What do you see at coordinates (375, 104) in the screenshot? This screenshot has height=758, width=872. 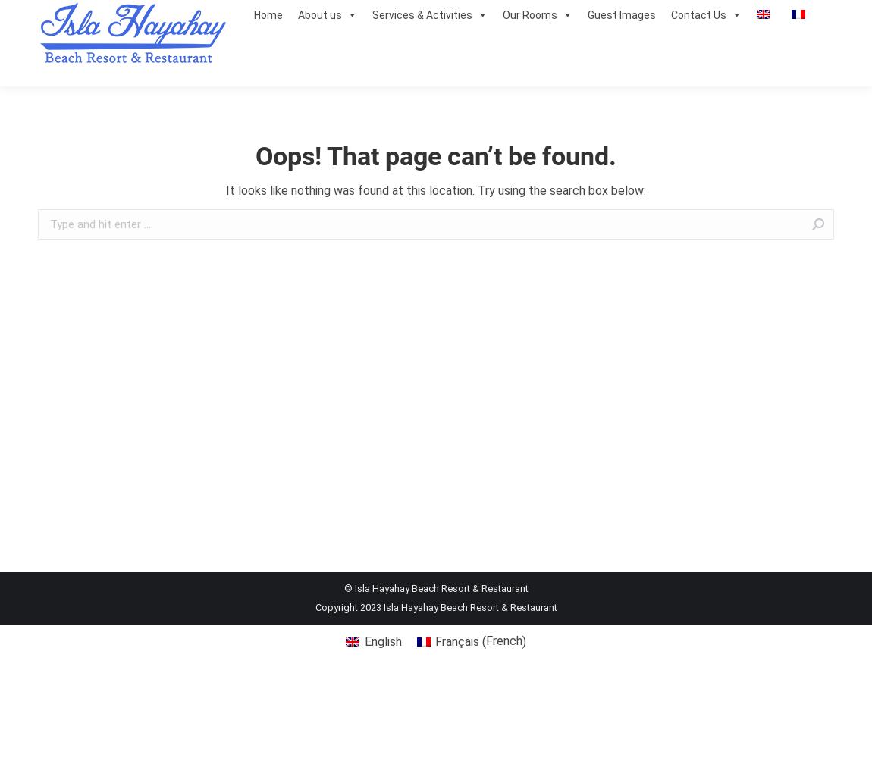 I see `'How to get to Pangangan Island'` at bounding box center [375, 104].